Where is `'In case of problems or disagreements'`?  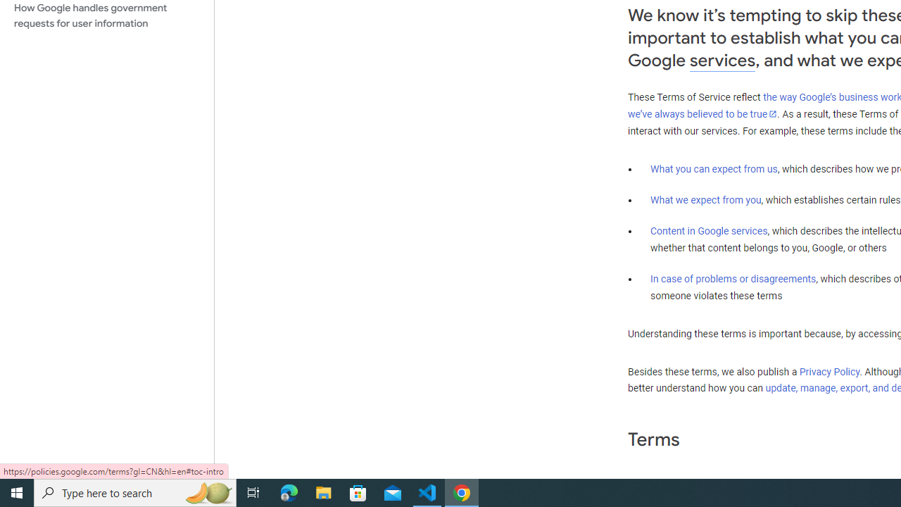 'In case of problems or disagreements' is located at coordinates (732, 279).